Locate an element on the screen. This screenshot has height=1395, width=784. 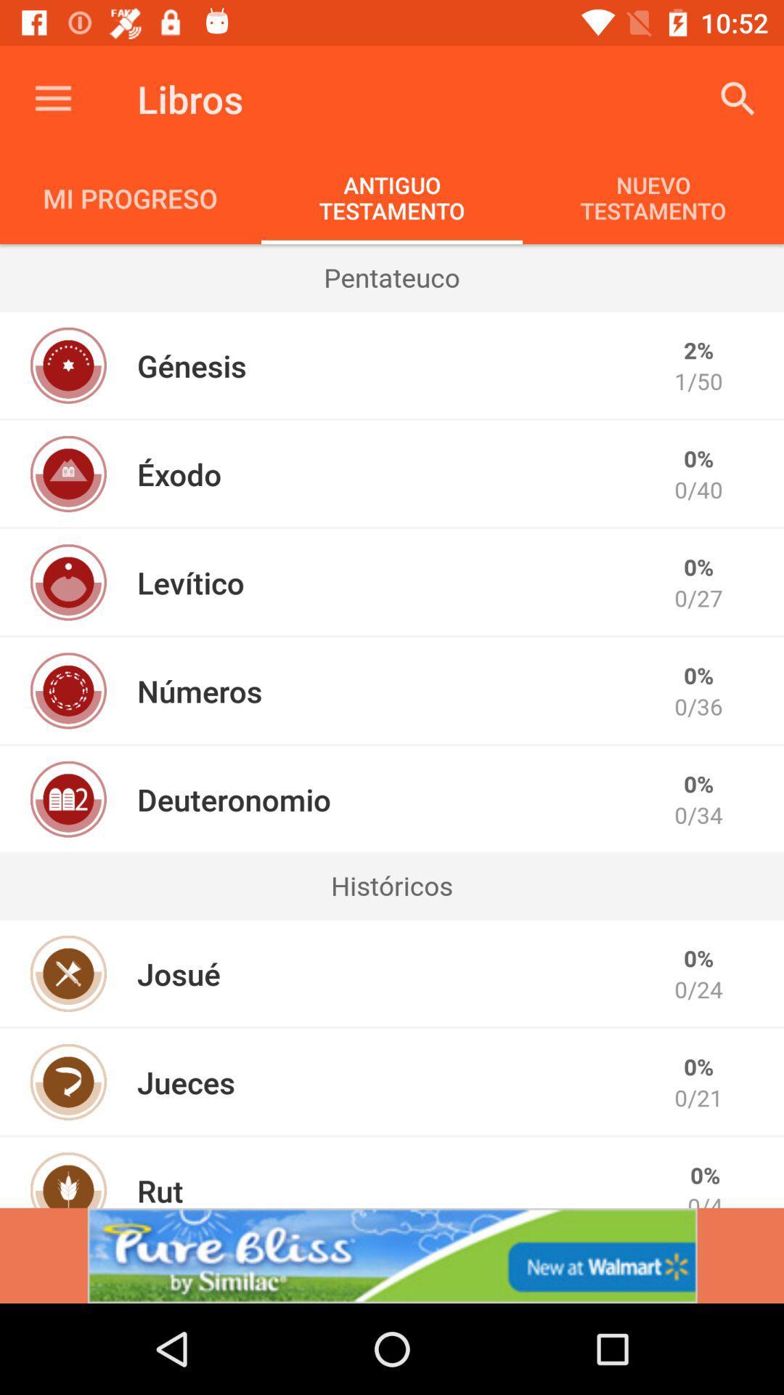
item to the left of the 0/40 is located at coordinates (179, 474).